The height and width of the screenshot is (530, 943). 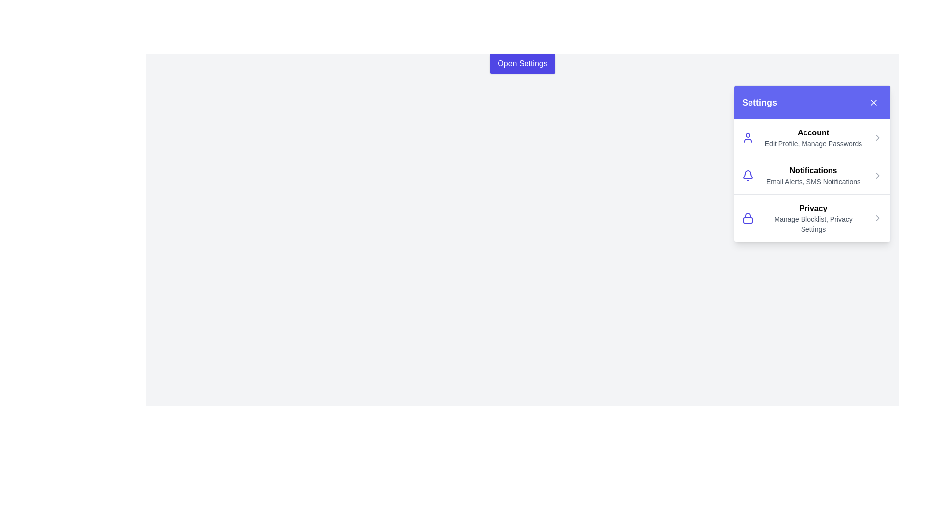 I want to click on the close button with an 'X' icon located at the top-right corner of the 'Settings' popup, so click(x=874, y=102).